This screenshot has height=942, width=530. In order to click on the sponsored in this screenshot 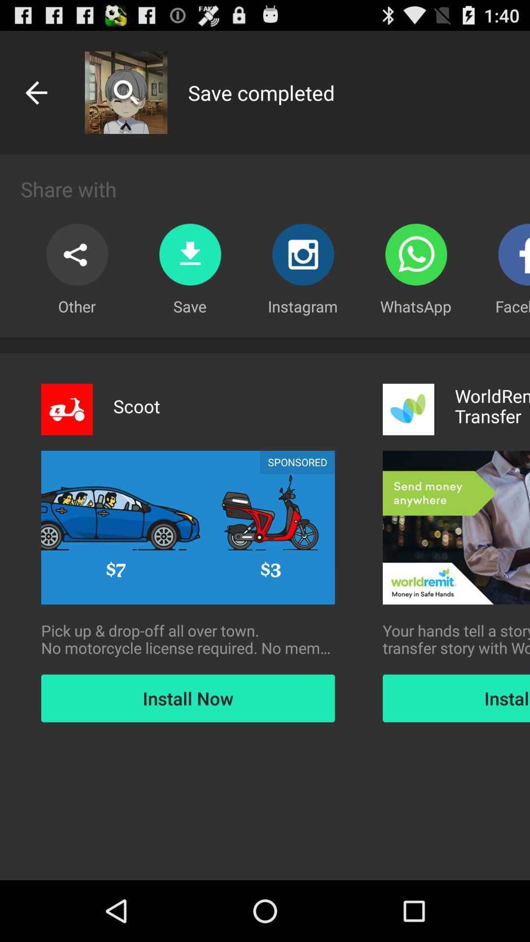, I will do `click(297, 462)`.